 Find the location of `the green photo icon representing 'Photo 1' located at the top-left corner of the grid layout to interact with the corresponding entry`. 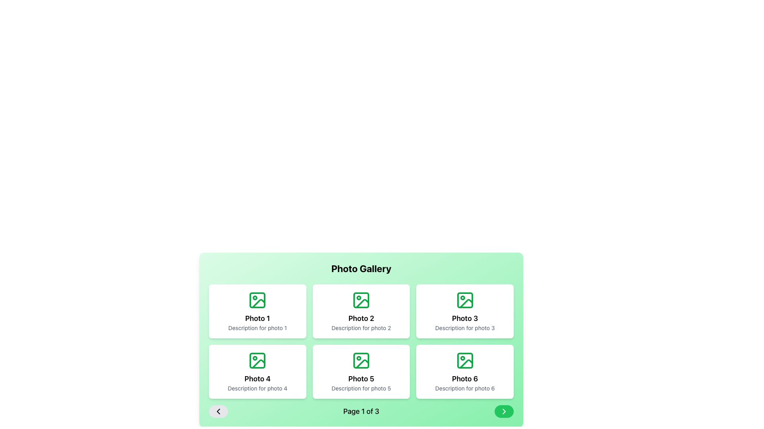

the green photo icon representing 'Photo 1' located at the top-left corner of the grid layout to interact with the corresponding entry is located at coordinates (257, 300).